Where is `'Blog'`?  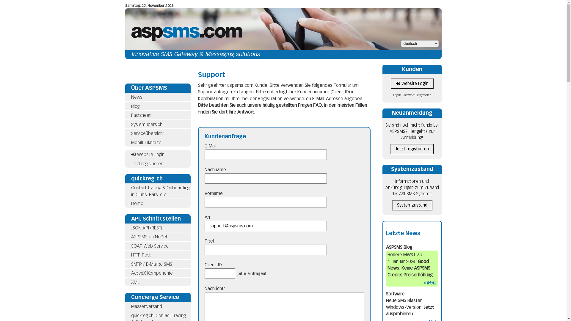
'Blog' is located at coordinates (157, 106).